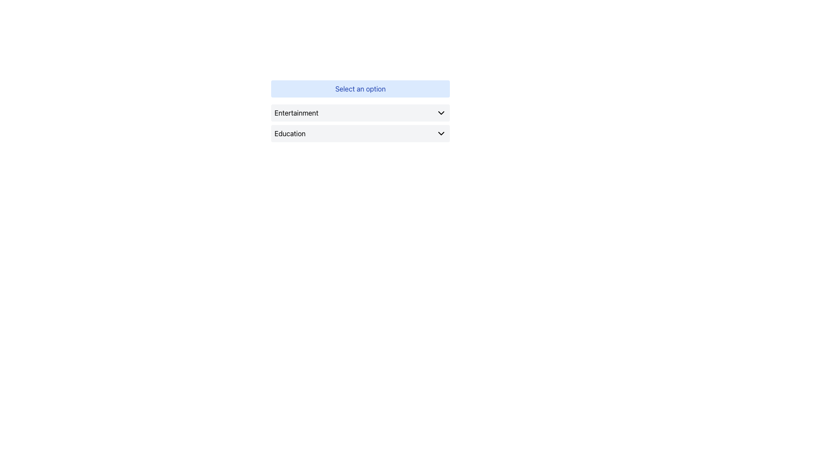 The width and height of the screenshot is (825, 464). I want to click on the dropdown icon located at the far right of the 'Education' row, so click(441, 134).